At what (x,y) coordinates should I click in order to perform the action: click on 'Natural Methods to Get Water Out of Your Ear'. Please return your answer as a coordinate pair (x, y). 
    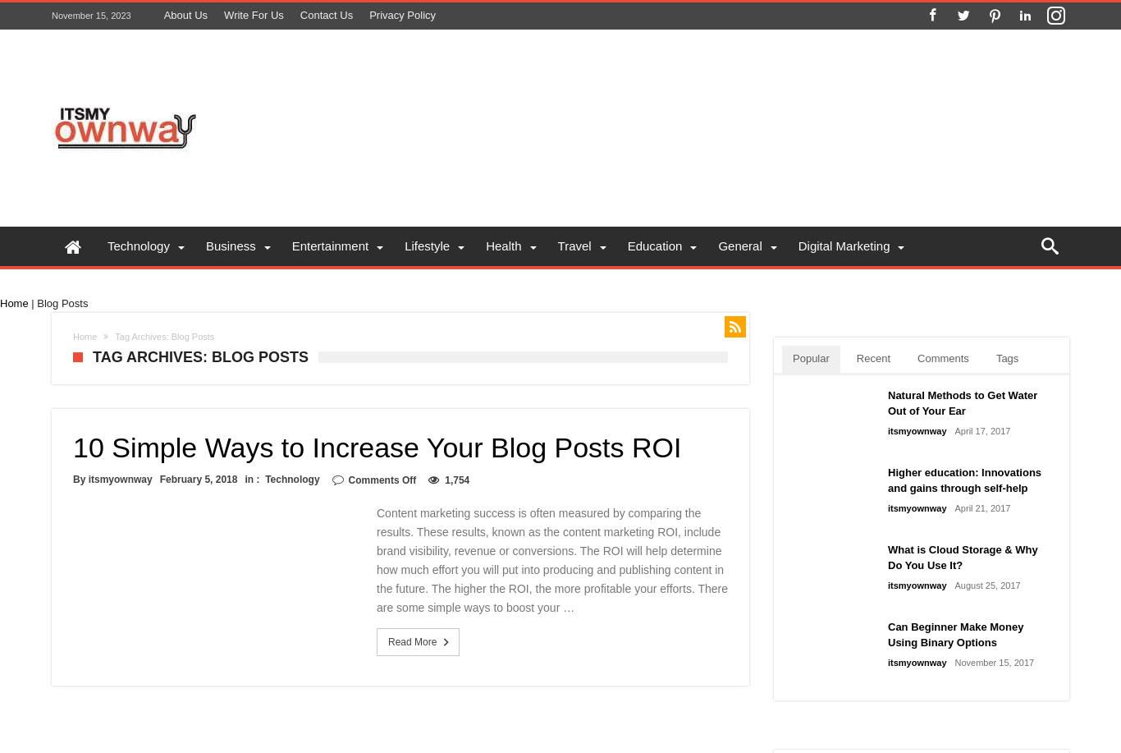
    Looking at the image, I should click on (962, 402).